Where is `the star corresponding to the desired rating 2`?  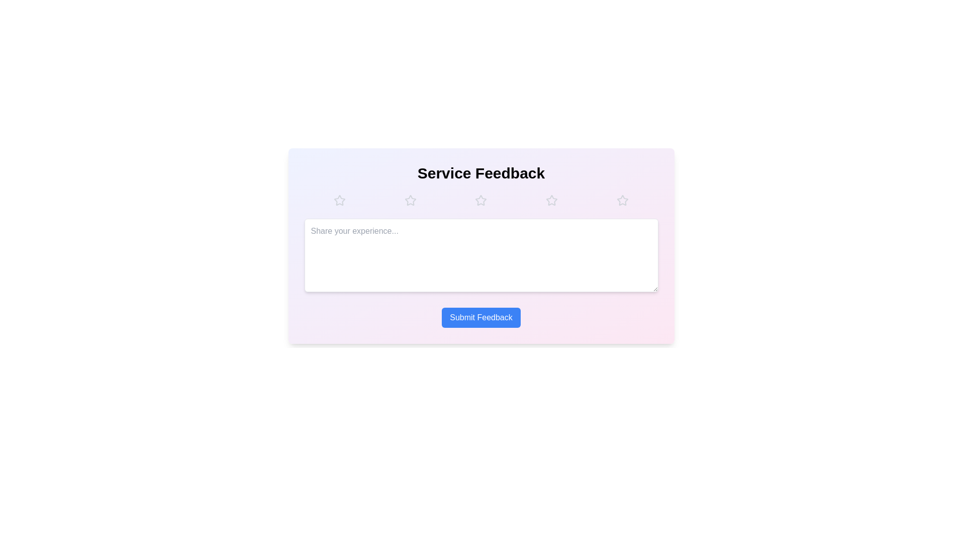 the star corresponding to the desired rating 2 is located at coordinates (410, 200).